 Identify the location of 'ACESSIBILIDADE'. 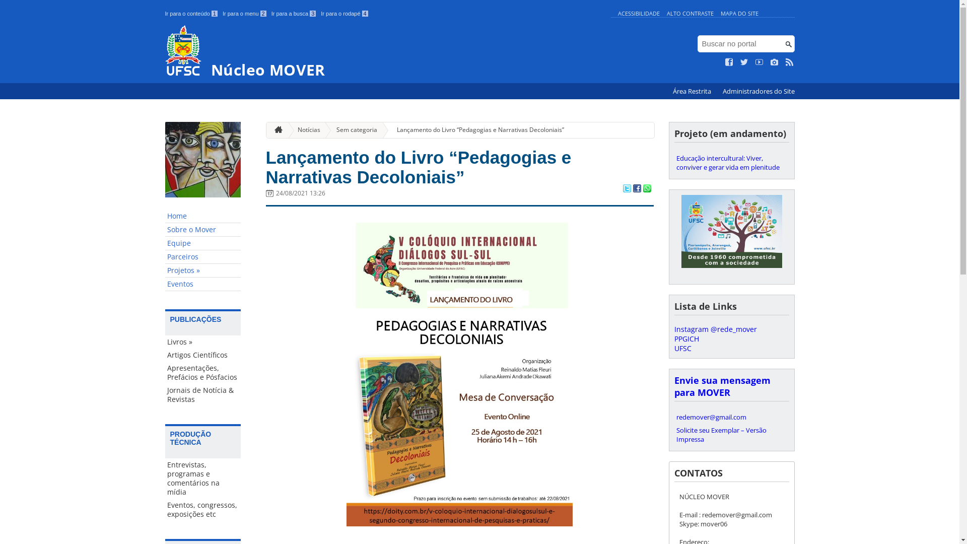
(638, 13).